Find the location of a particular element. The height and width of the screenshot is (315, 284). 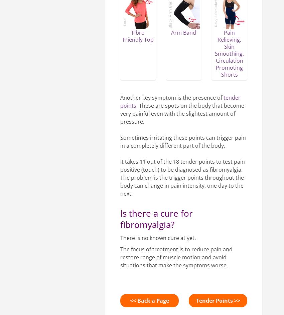

'tender points' is located at coordinates (180, 102).